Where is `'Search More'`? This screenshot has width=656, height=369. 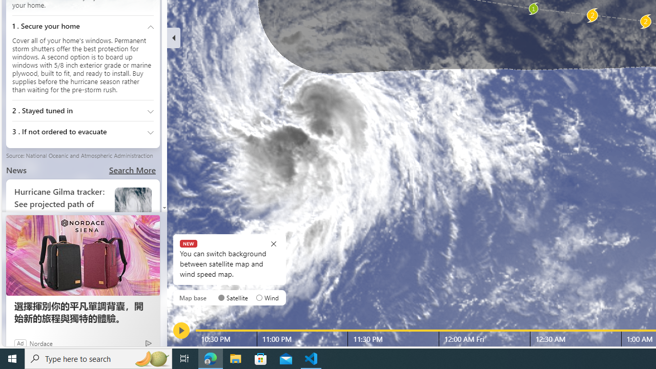
'Search More' is located at coordinates (132, 169).